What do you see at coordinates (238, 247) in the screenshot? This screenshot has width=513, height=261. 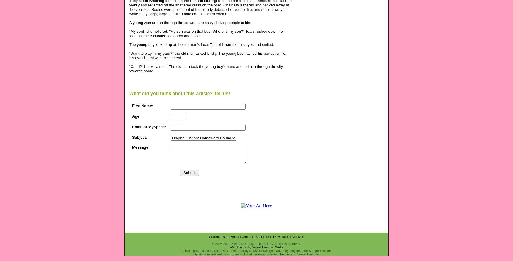 I see `'Web Design'` at bounding box center [238, 247].